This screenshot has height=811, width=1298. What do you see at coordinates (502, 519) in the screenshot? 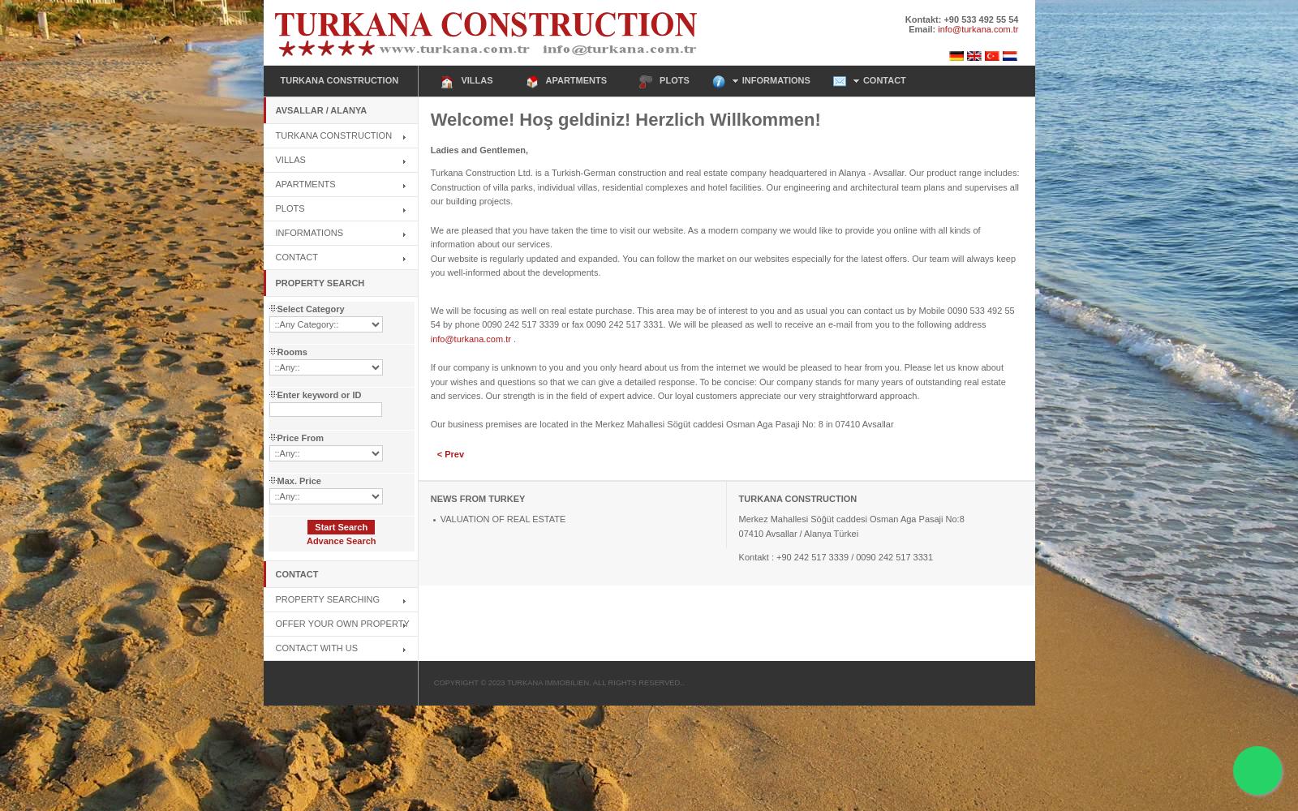
I see `'VALUATION OF REAL ESTATE'` at bounding box center [502, 519].